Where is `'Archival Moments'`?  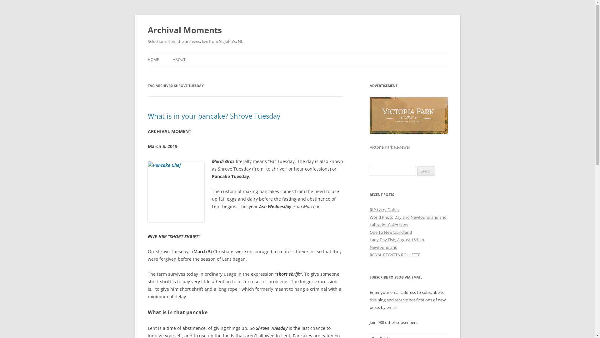
'Archival Moments' is located at coordinates (184, 30).